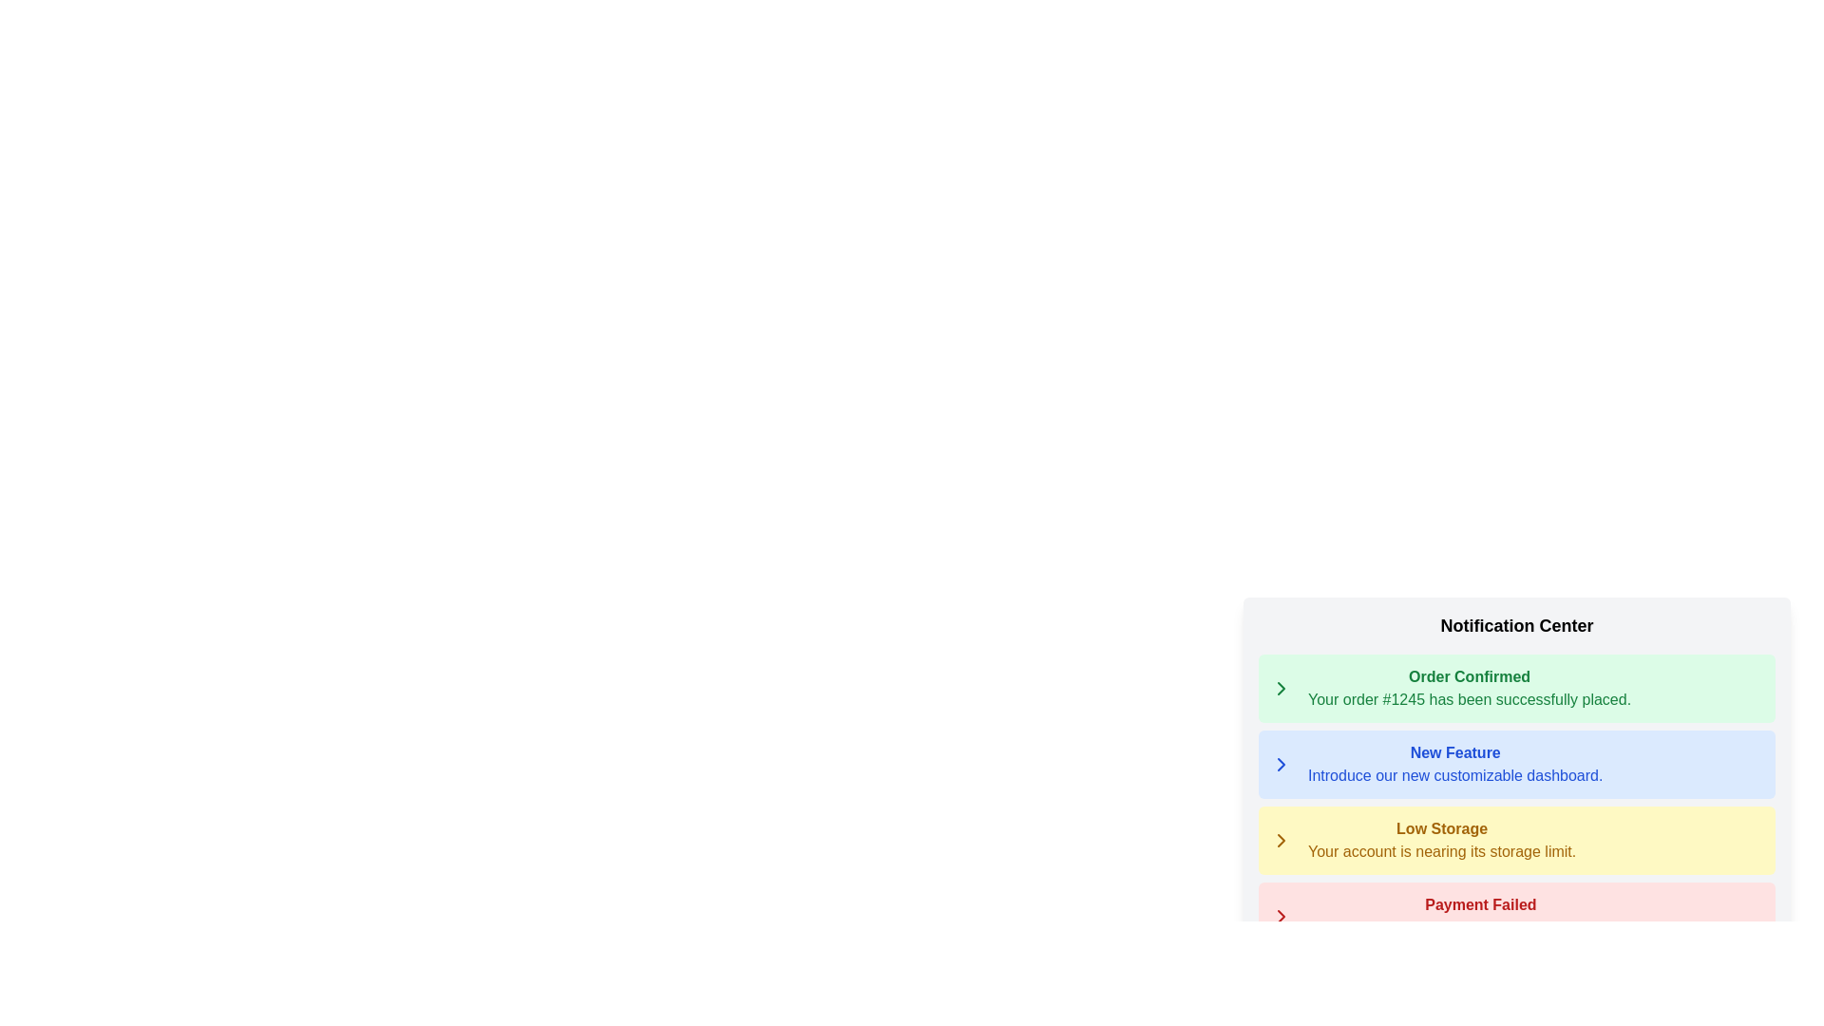 The image size is (1824, 1026). Describe the element at coordinates (1454, 752) in the screenshot. I see `the Text Label that serves as the title of the second notification card in the Notification Center interface, which is blue in color and positioned at the top of the card` at that location.